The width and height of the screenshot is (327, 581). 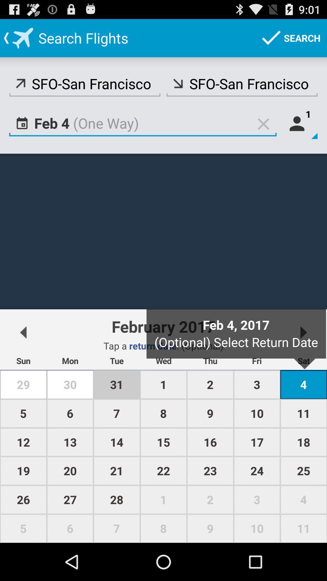 I want to click on the close icon, so click(x=263, y=132).